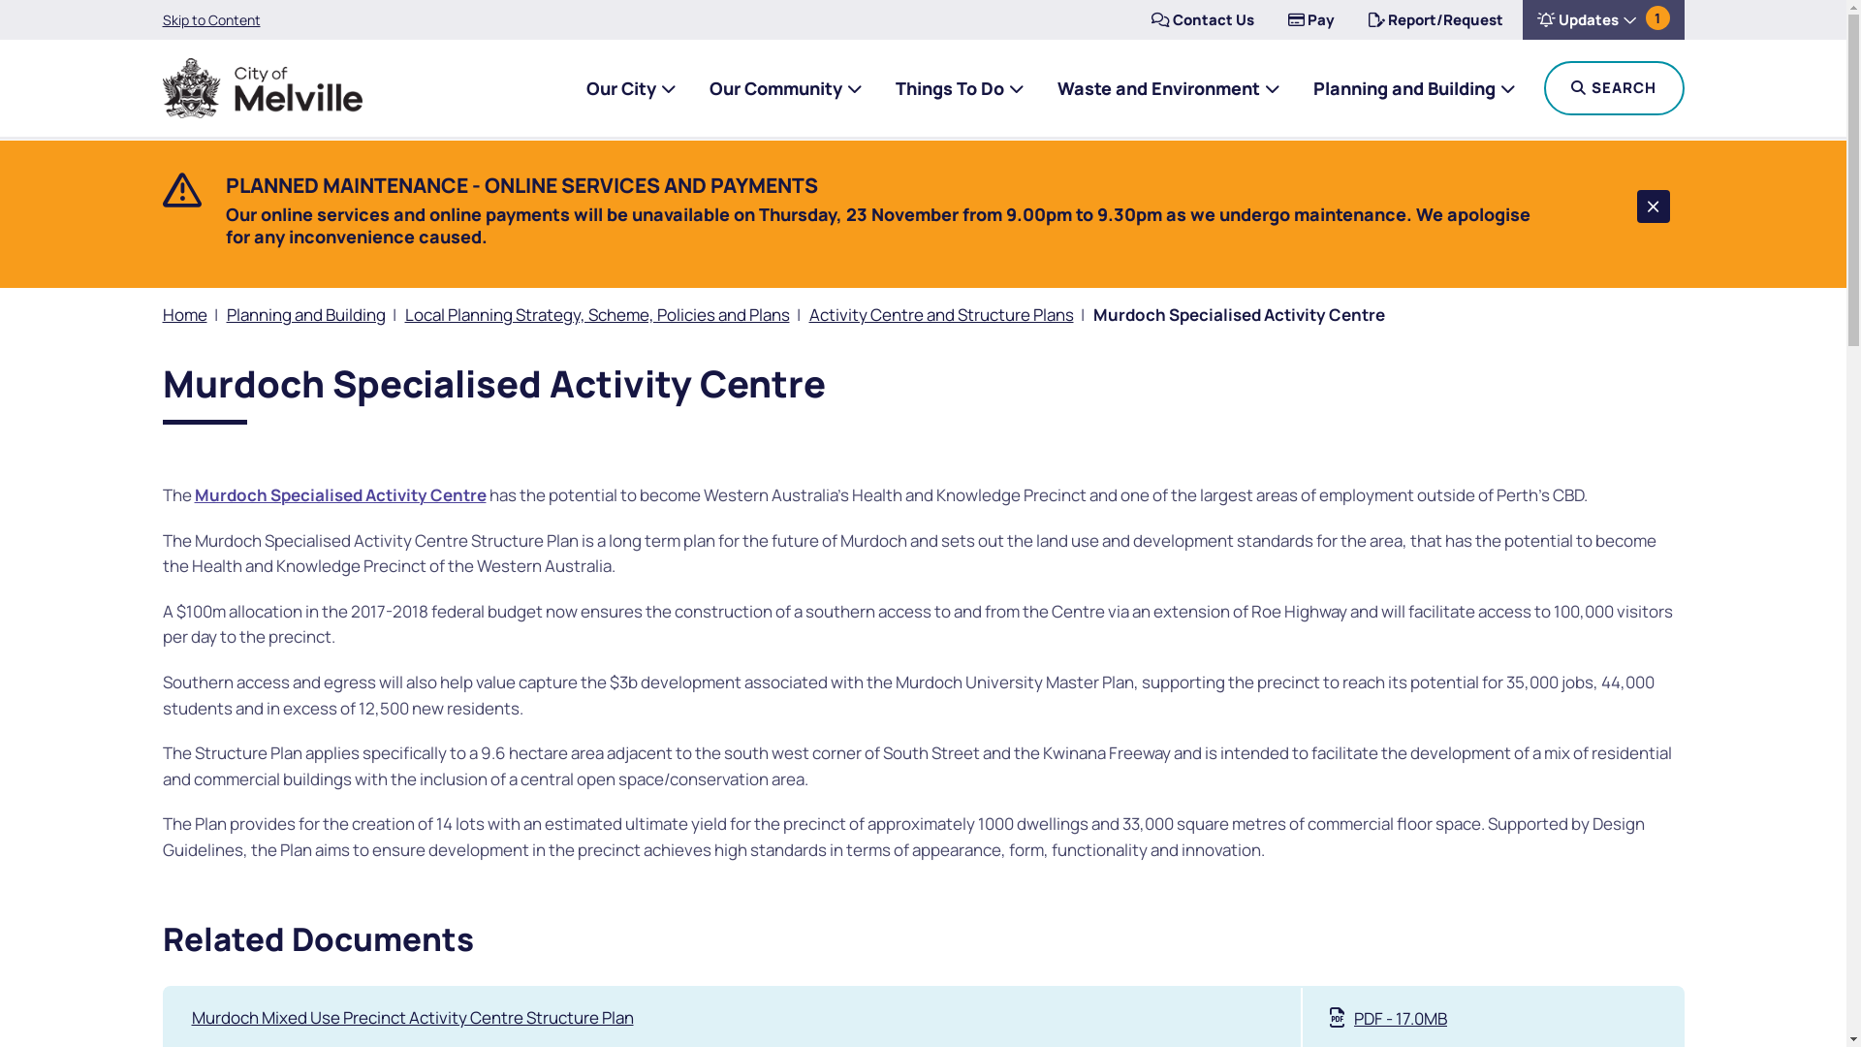 This screenshot has height=1047, width=1861. What do you see at coordinates (412, 1016) in the screenshot?
I see `'Murdoch Mixed Use Precinct Activity Centre Structure Plan'` at bounding box center [412, 1016].